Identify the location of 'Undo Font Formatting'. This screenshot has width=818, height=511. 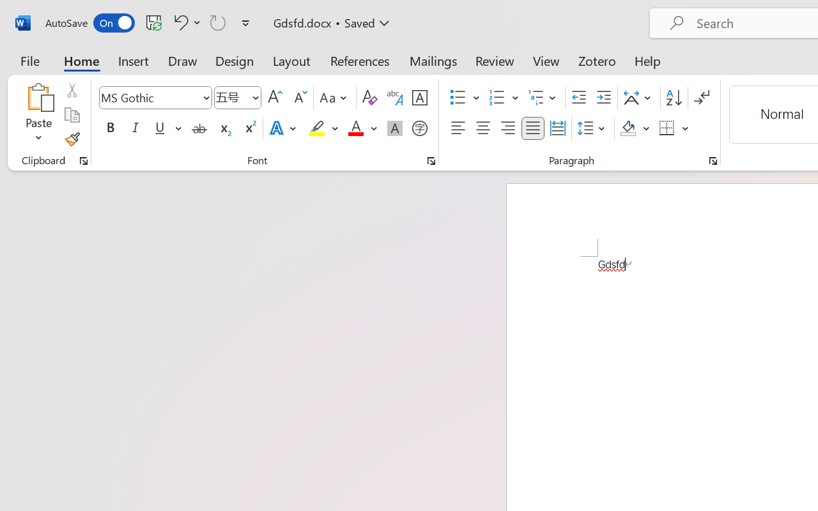
(178, 22).